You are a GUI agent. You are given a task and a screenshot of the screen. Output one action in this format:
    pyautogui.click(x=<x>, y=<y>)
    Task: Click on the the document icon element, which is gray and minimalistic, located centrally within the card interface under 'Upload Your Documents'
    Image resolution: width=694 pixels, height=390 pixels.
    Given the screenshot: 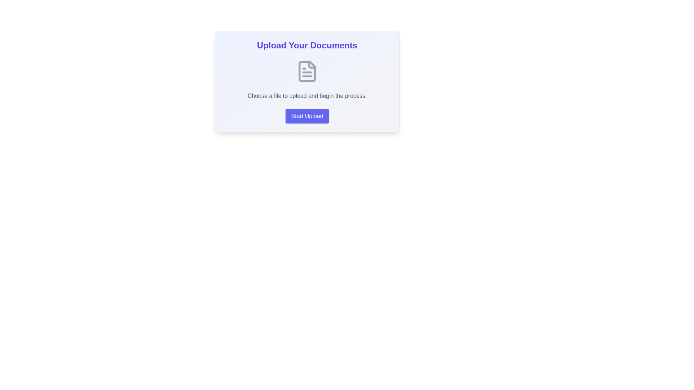 What is the action you would take?
    pyautogui.click(x=307, y=71)
    